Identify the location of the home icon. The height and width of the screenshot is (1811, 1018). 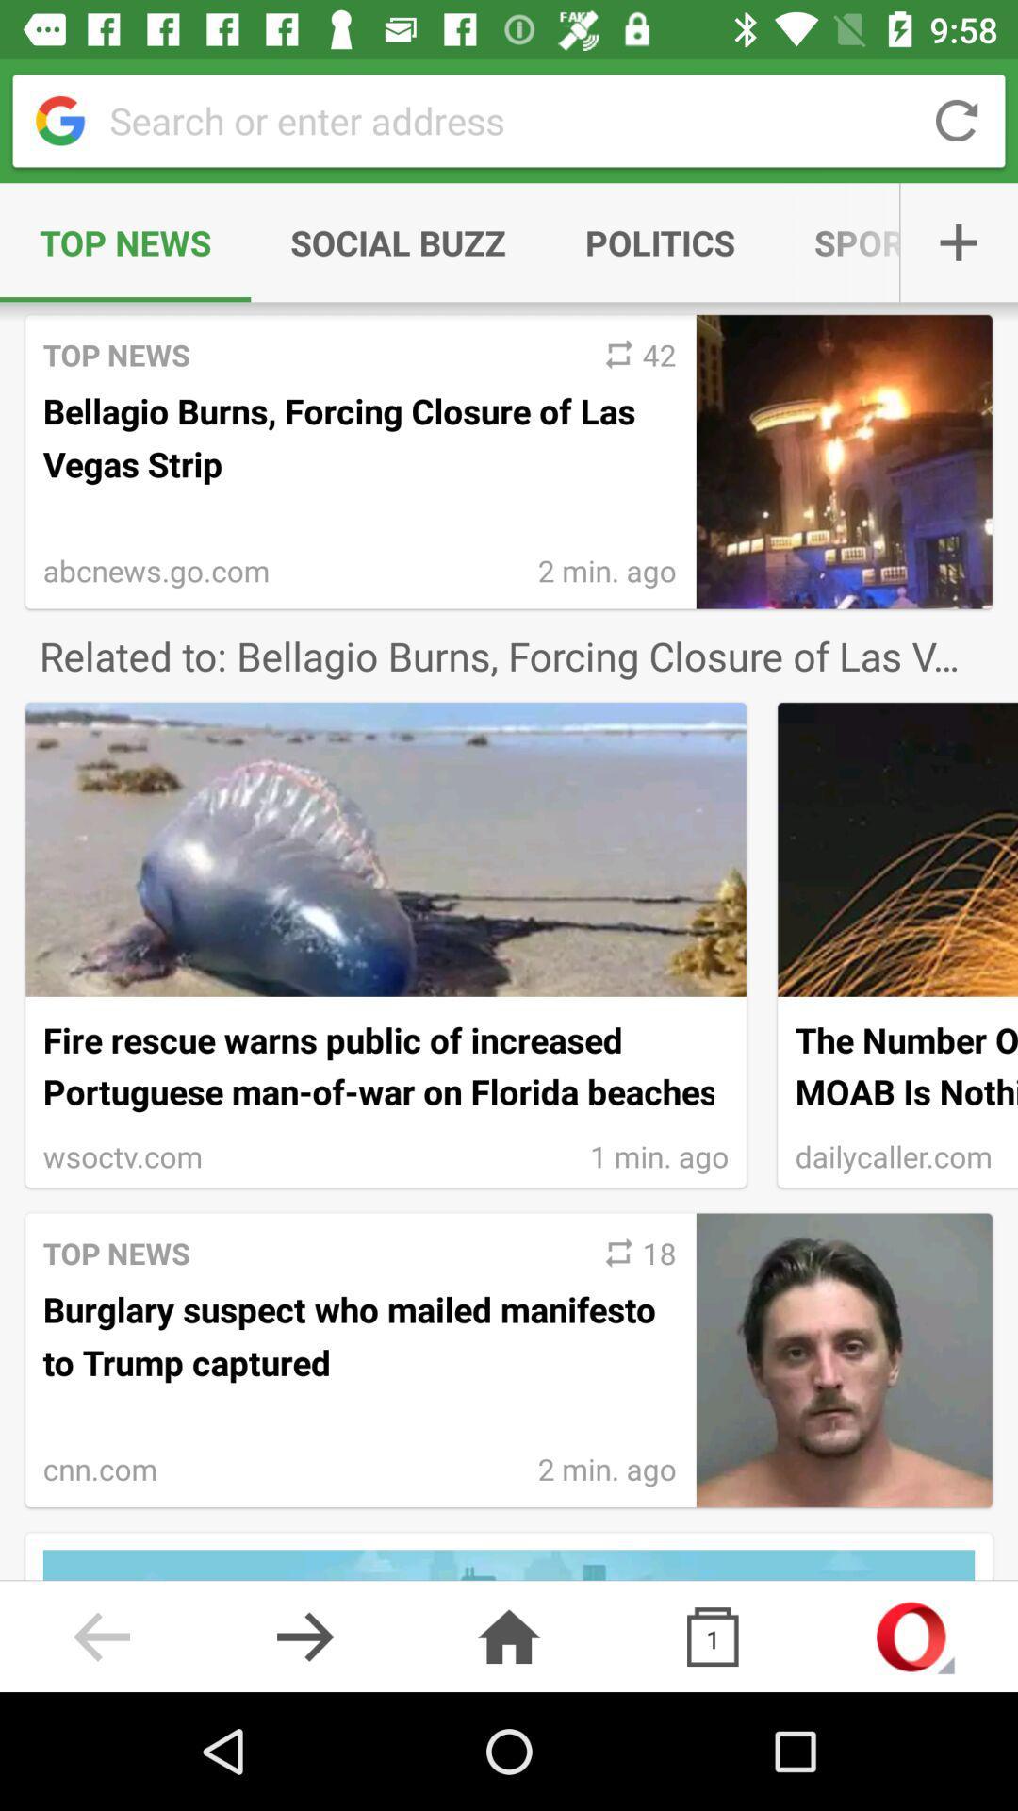
(509, 1636).